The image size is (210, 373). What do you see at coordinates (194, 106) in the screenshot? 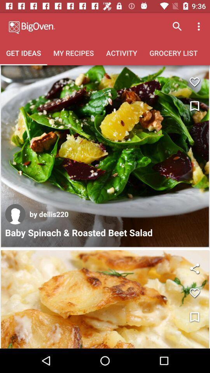
I see `bookmark this` at bounding box center [194, 106].